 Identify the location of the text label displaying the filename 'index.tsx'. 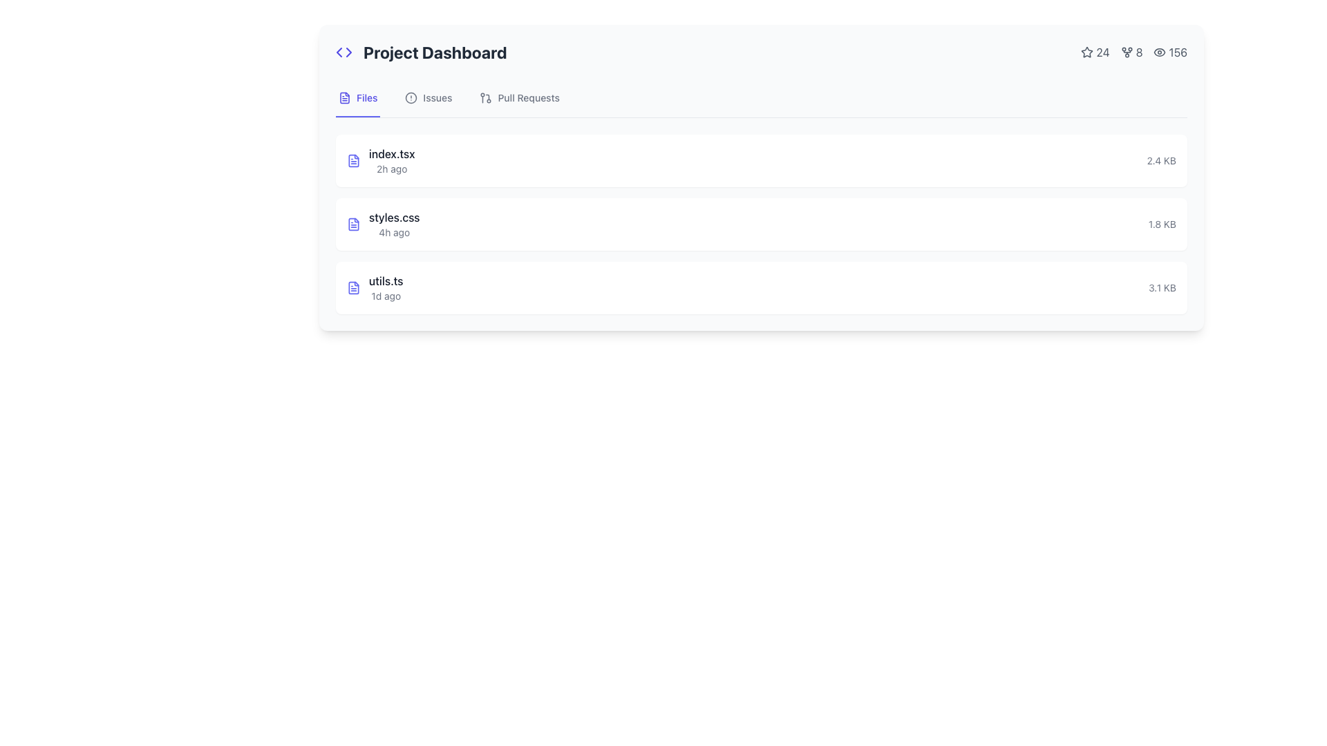
(390, 154).